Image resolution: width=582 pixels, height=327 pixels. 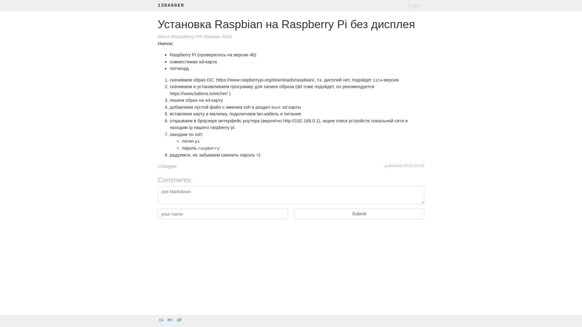 I want to click on 'ru', so click(x=161, y=319).